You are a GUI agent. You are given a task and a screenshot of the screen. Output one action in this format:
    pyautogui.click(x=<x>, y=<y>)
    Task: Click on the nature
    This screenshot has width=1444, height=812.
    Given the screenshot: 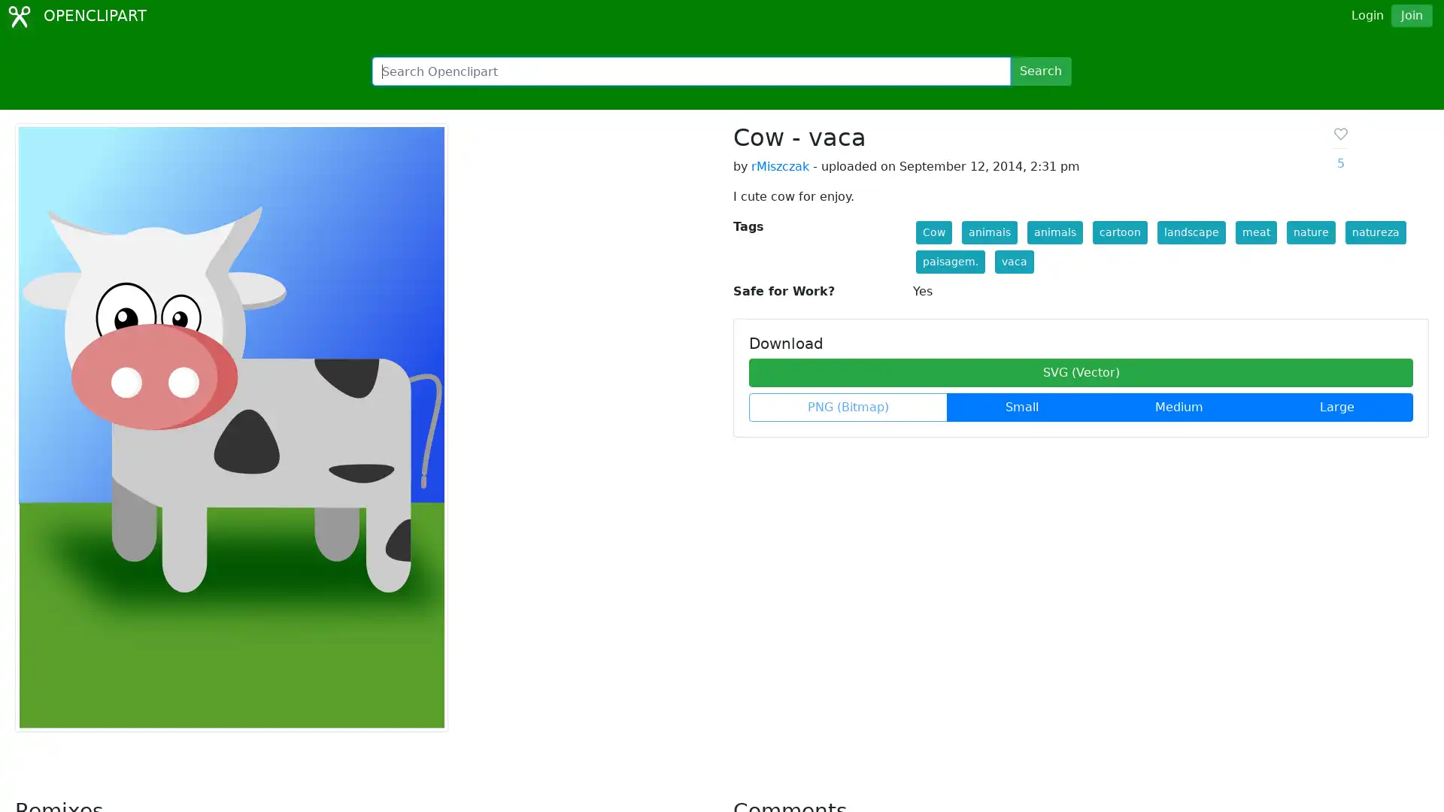 What is the action you would take?
    pyautogui.click(x=1309, y=232)
    